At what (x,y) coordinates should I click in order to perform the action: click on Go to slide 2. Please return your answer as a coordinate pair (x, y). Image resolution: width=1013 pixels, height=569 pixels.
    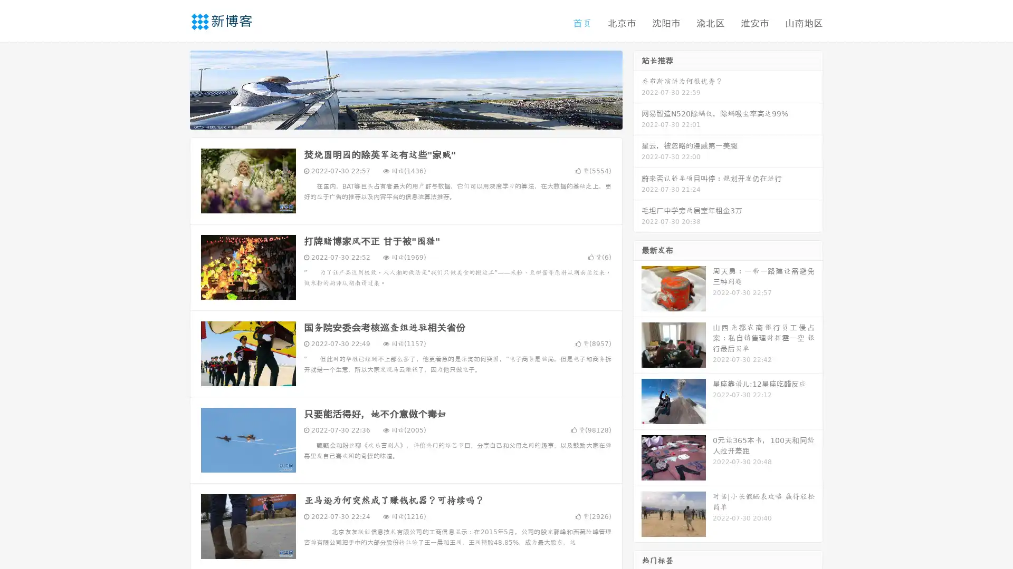
    Looking at the image, I should click on (405, 119).